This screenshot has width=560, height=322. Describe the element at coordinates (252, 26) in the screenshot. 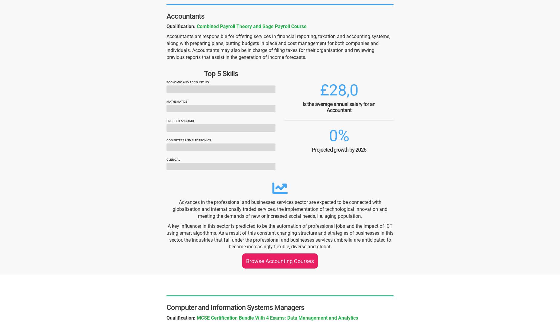

I see `'Combined Payroll Theory and Sage Payroll Course'` at that location.